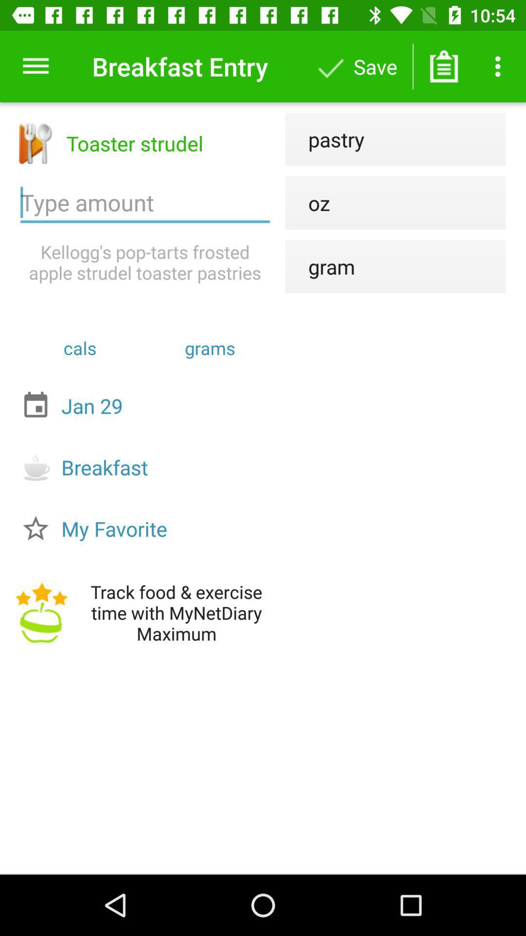 This screenshot has height=936, width=526. Describe the element at coordinates (148, 406) in the screenshot. I see `jan 29` at that location.